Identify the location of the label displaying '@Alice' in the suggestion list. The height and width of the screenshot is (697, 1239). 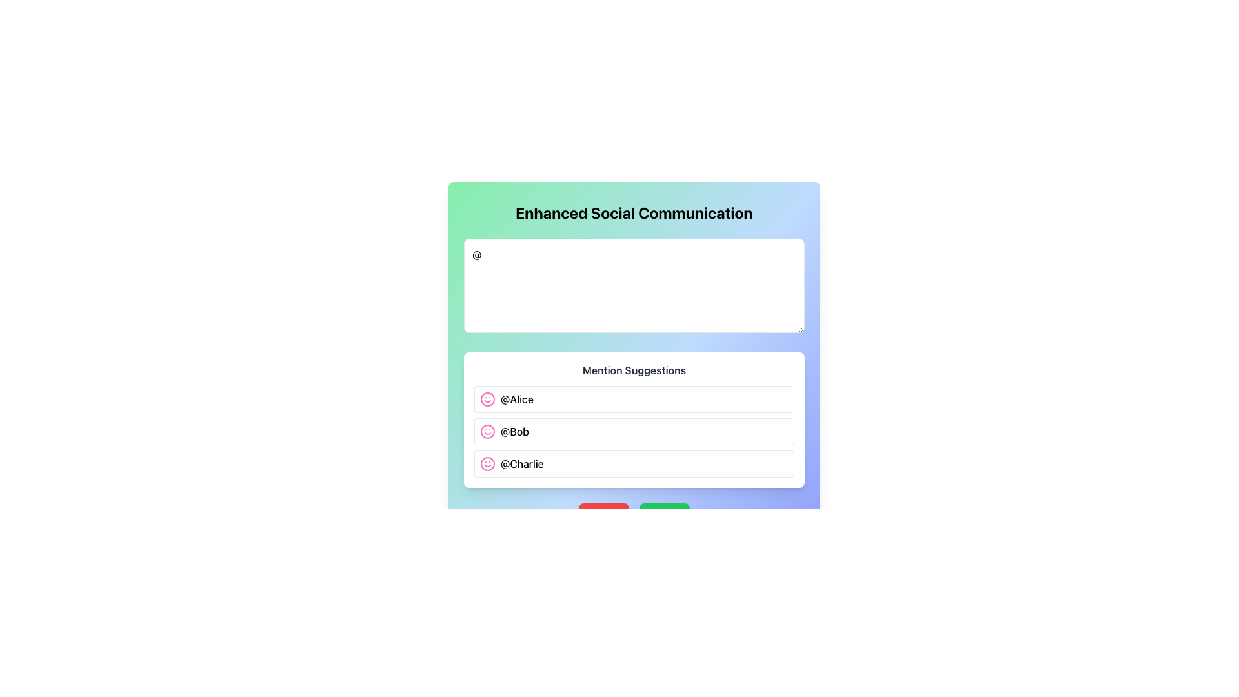
(517, 398).